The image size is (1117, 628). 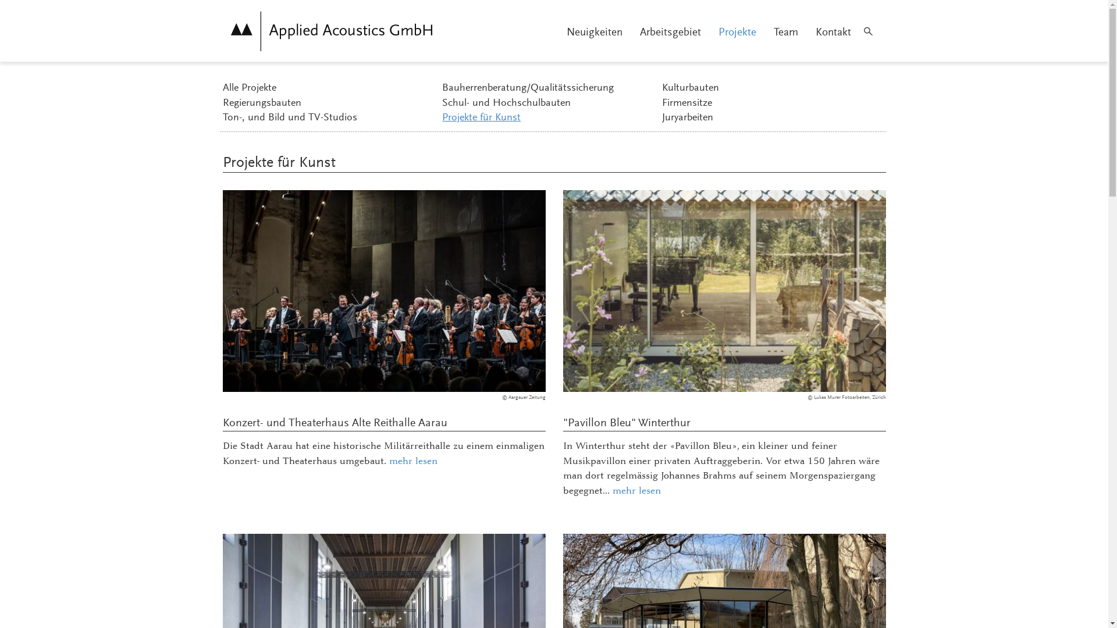 I want to click on 'Arbeitsgebiet', so click(x=670, y=32).